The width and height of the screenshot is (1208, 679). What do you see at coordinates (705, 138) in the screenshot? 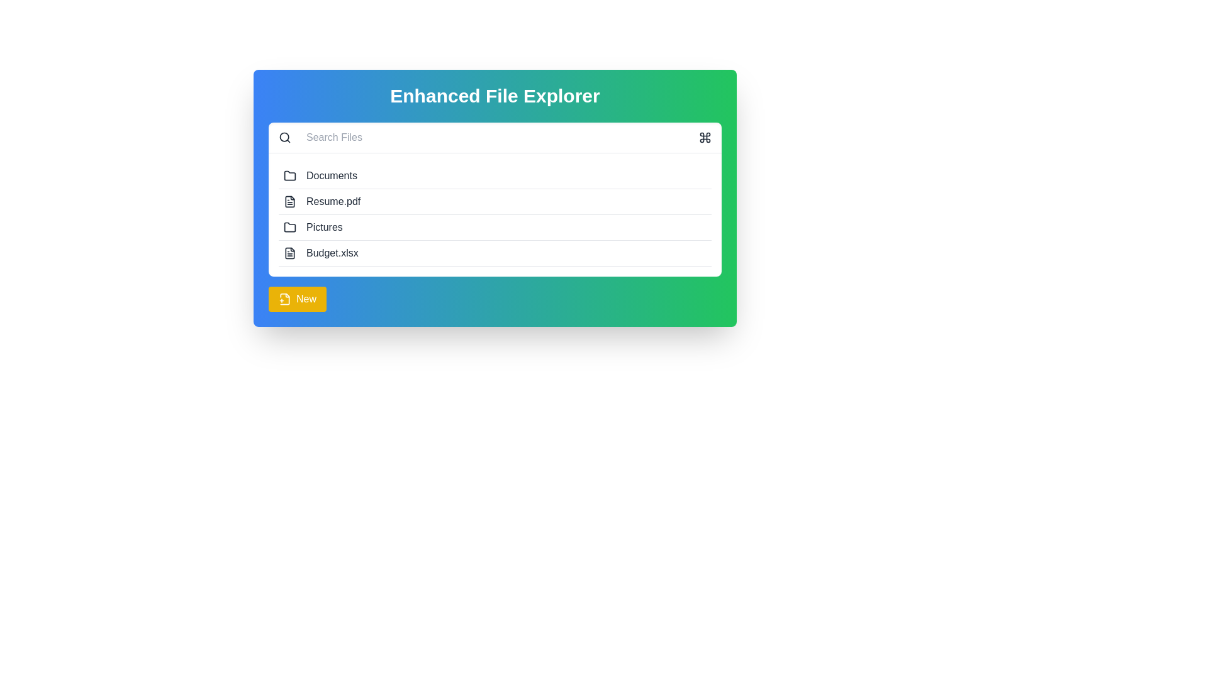
I see `the grid-like icon with four circular elements, located in the top-right corner of the white panel within the green gradient background` at bounding box center [705, 138].